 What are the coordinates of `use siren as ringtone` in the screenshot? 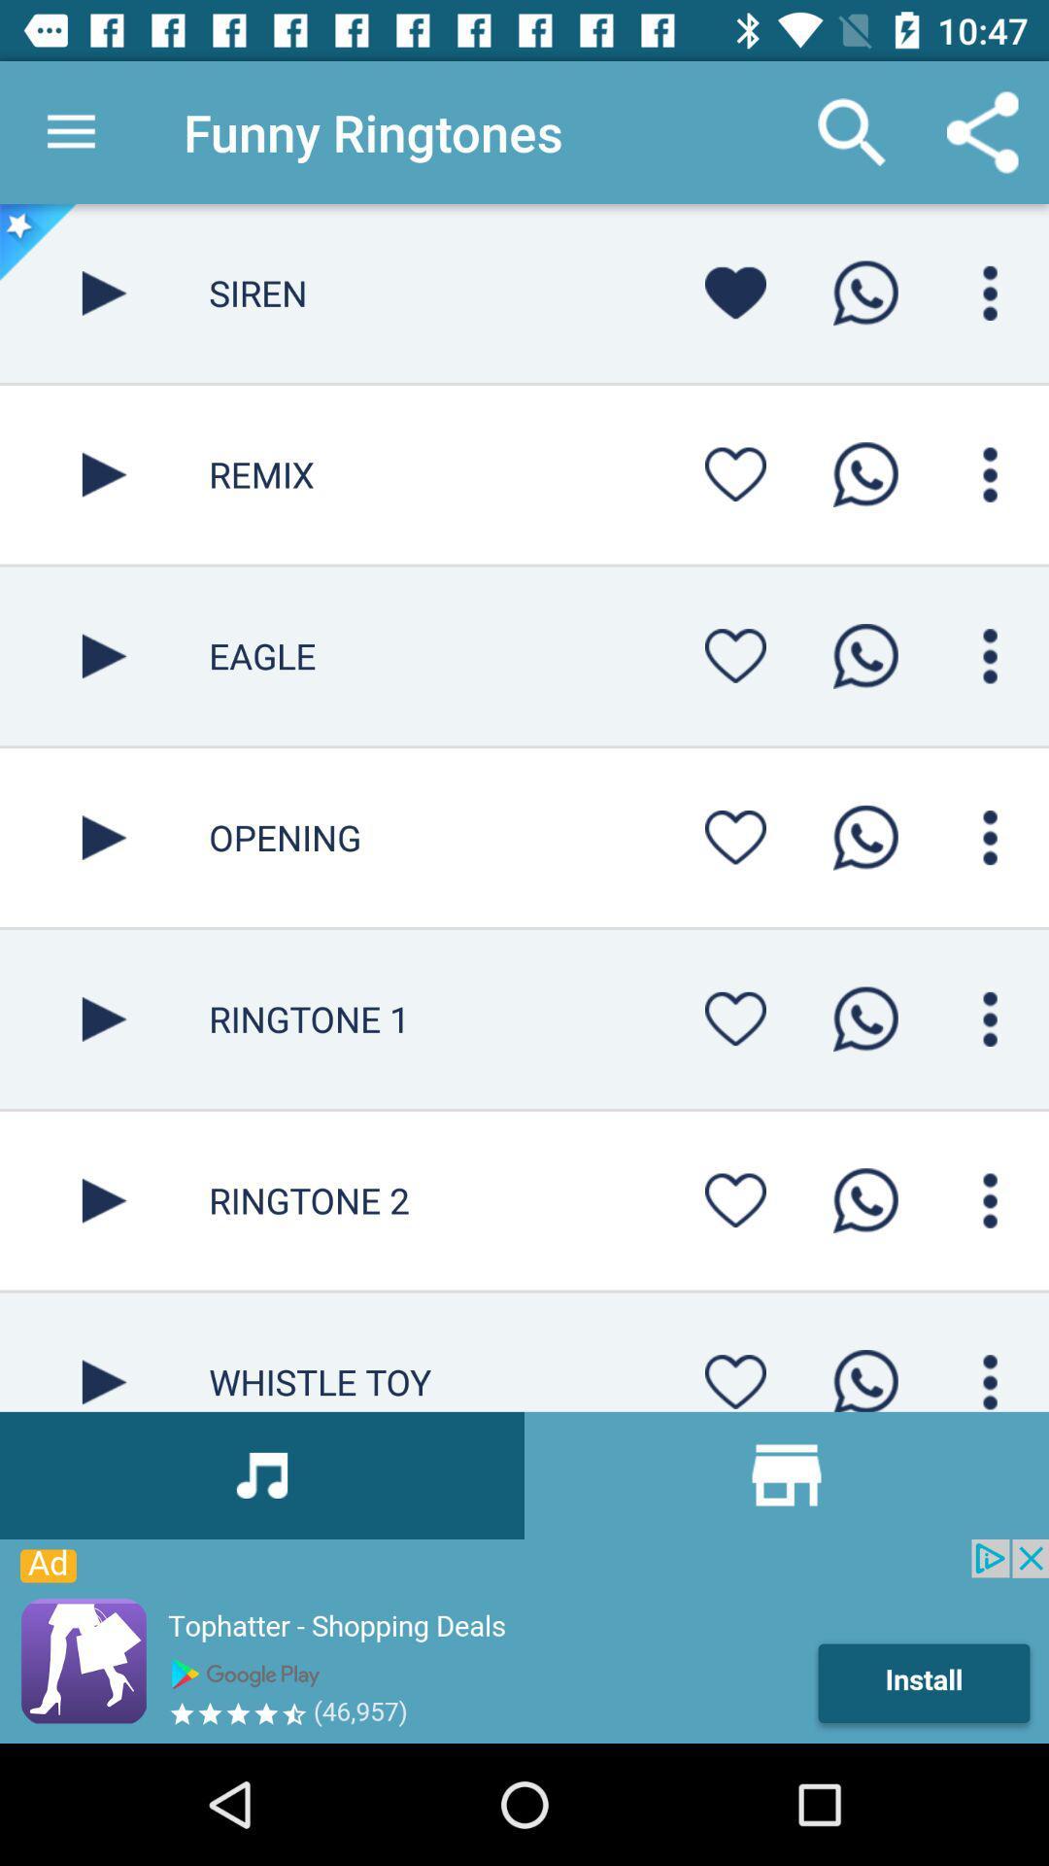 It's located at (864, 292).